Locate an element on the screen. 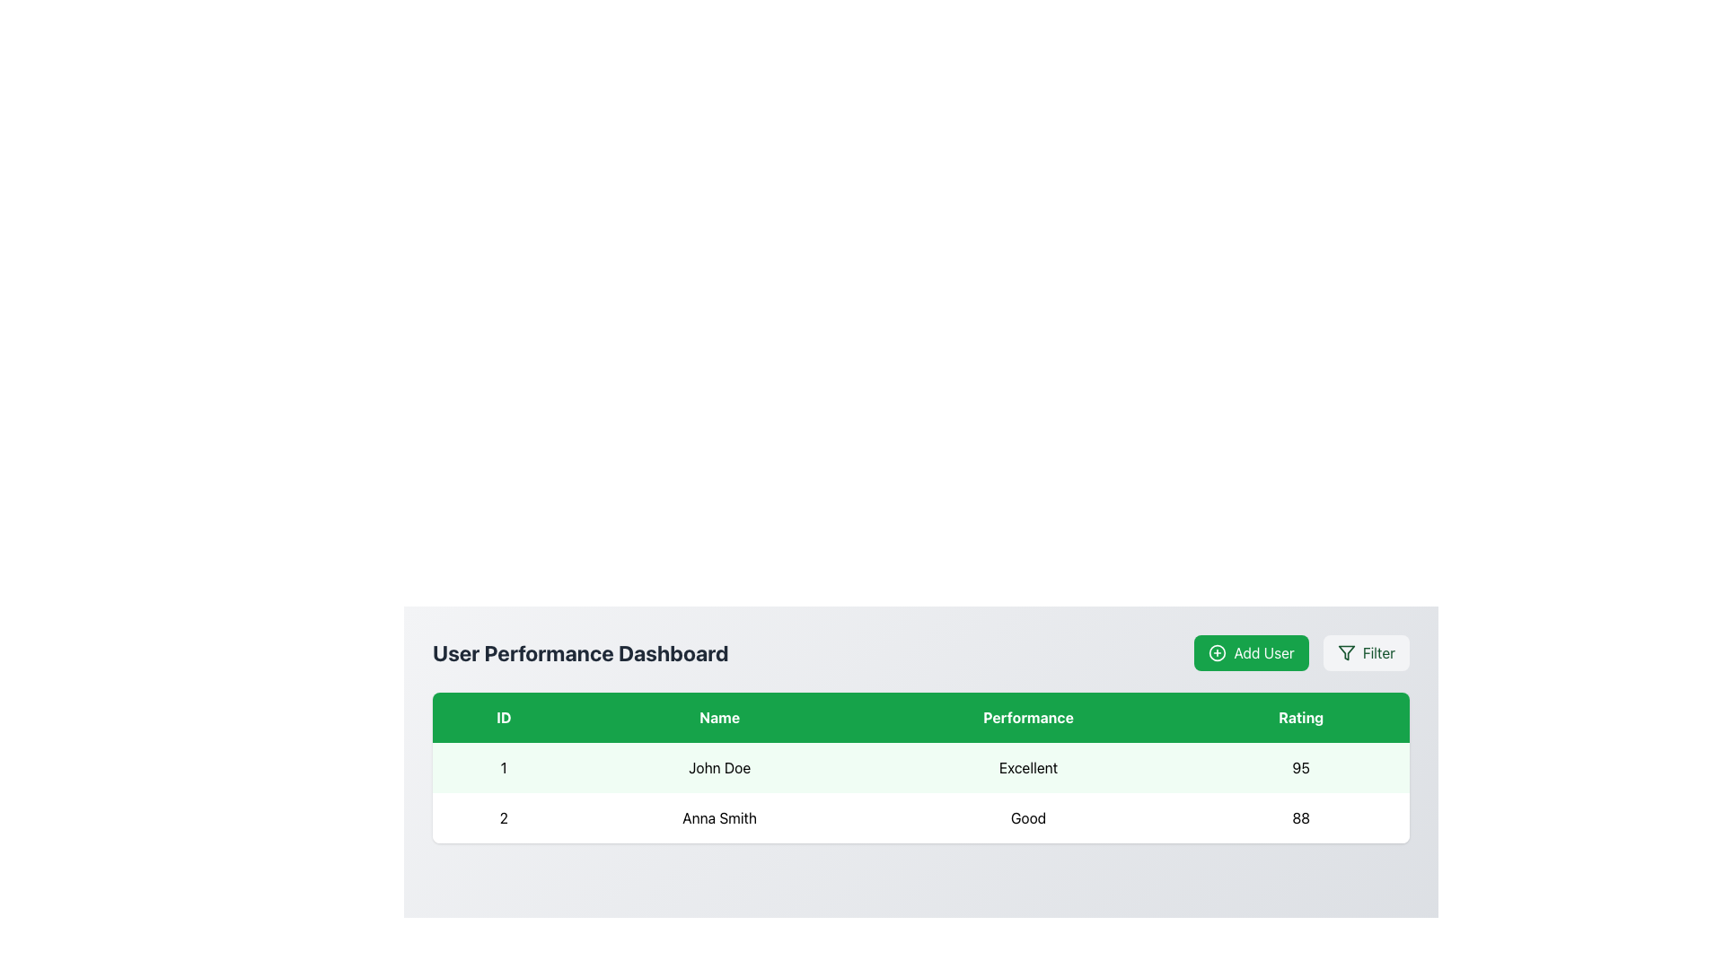 This screenshot has width=1724, height=969. the 'ID' column header cell in the table, which is the first cell in the top header row, providing context for the user or entity IDs below is located at coordinates (503, 716).